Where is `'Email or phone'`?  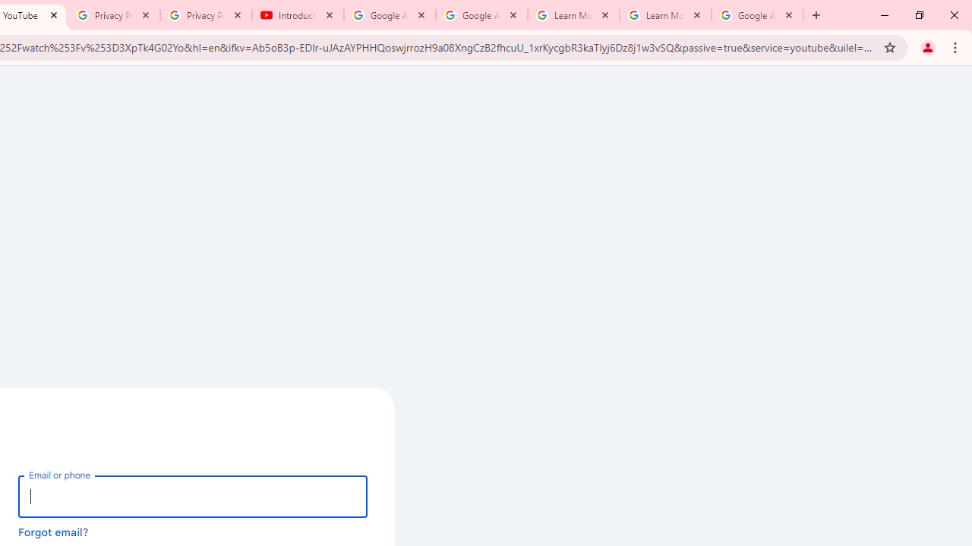
'Email or phone' is located at coordinates (192, 496).